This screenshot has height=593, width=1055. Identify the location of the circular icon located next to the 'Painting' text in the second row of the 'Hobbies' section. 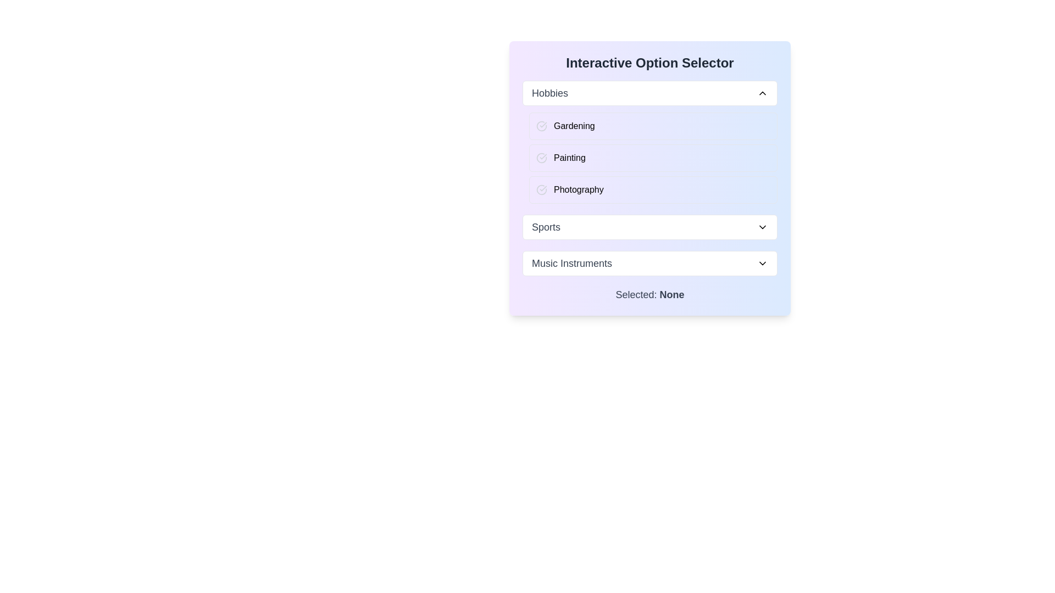
(541, 158).